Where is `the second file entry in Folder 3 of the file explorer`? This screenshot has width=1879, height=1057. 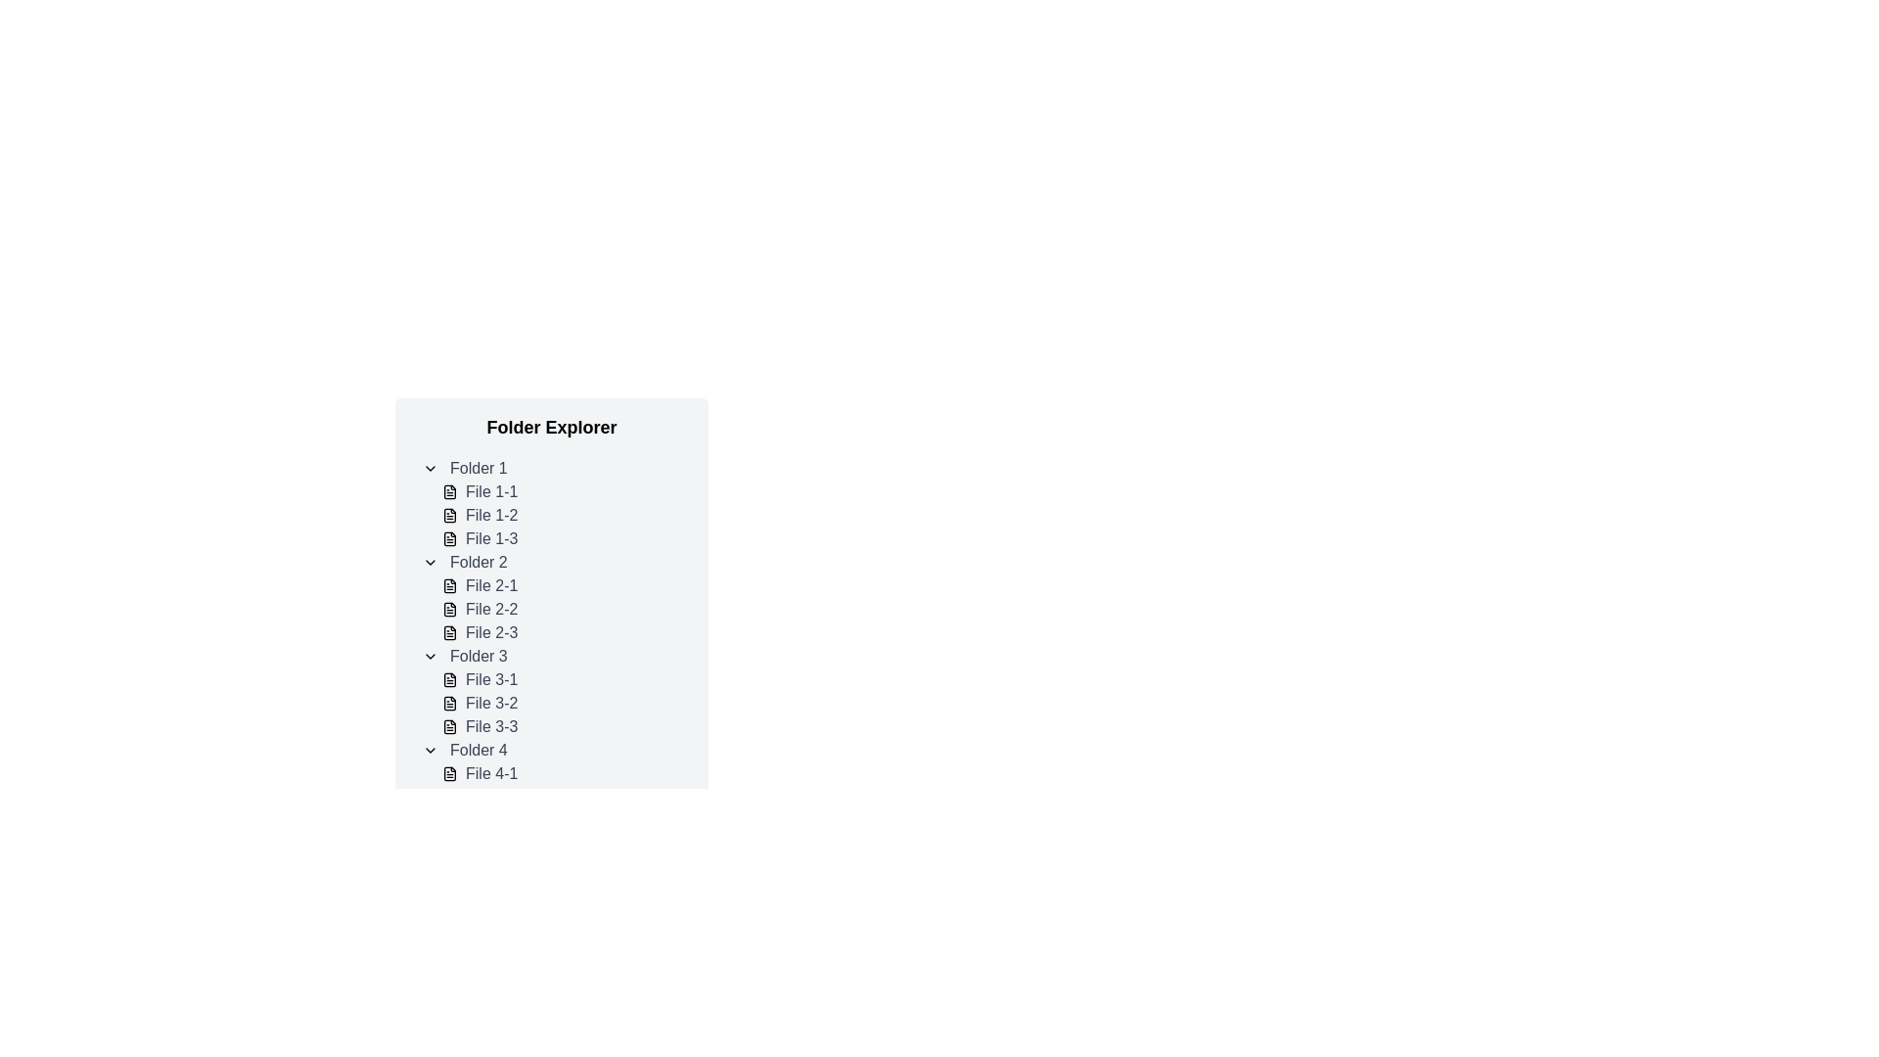 the second file entry in Folder 3 of the file explorer is located at coordinates (563, 702).